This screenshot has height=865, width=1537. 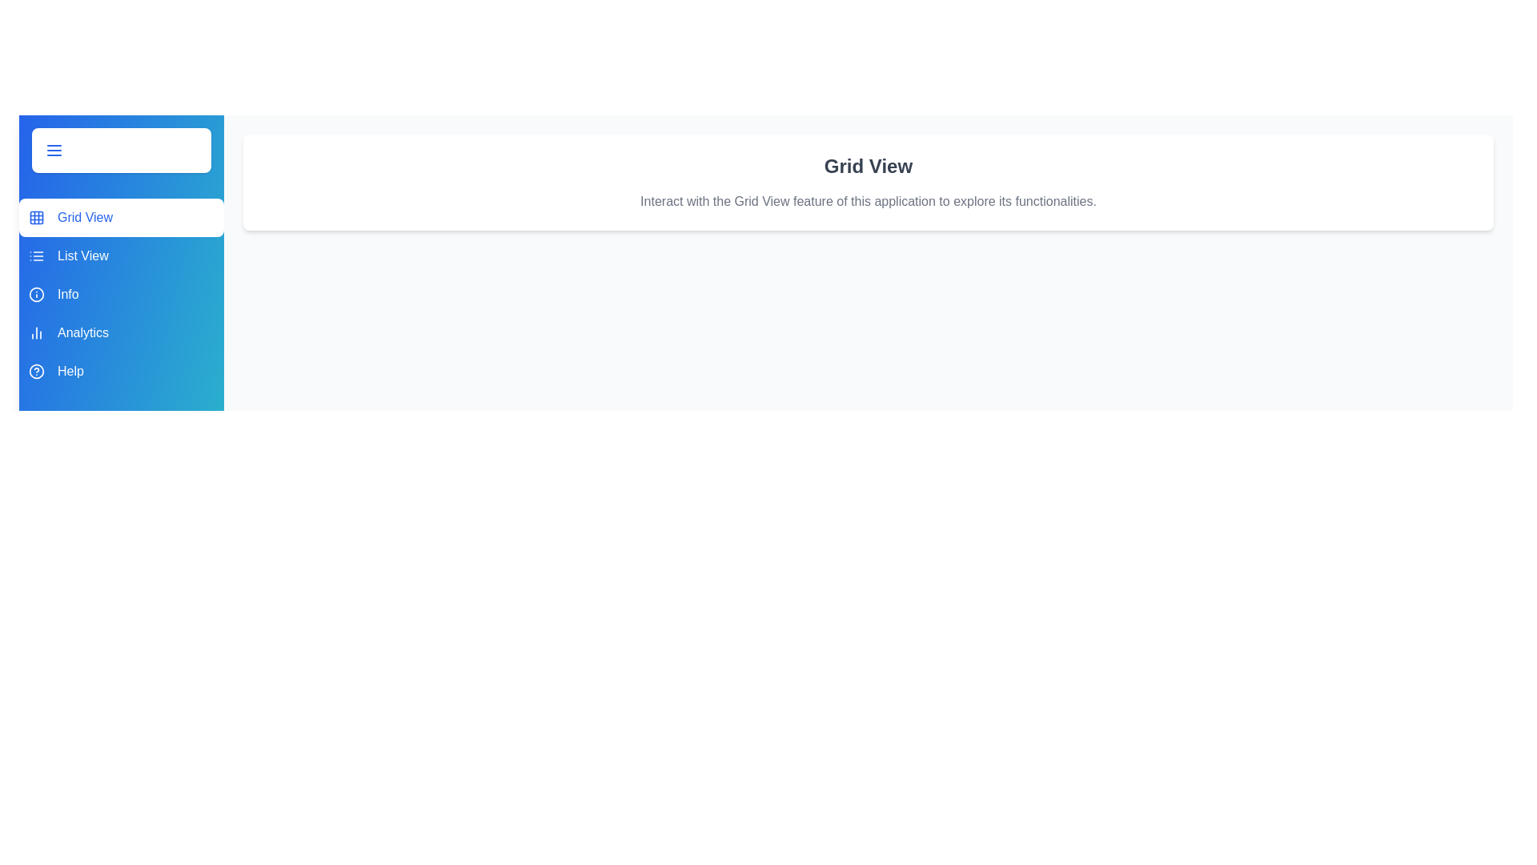 What do you see at coordinates (121, 371) in the screenshot?
I see `the sidebar menu item labeled Help` at bounding box center [121, 371].